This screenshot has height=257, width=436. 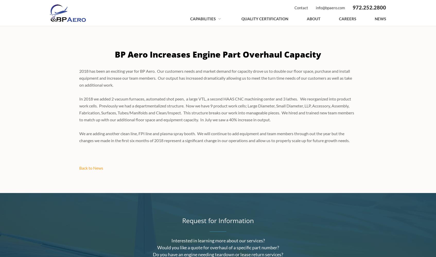 What do you see at coordinates (241, 19) in the screenshot?
I see `'Quality Certification'` at bounding box center [241, 19].